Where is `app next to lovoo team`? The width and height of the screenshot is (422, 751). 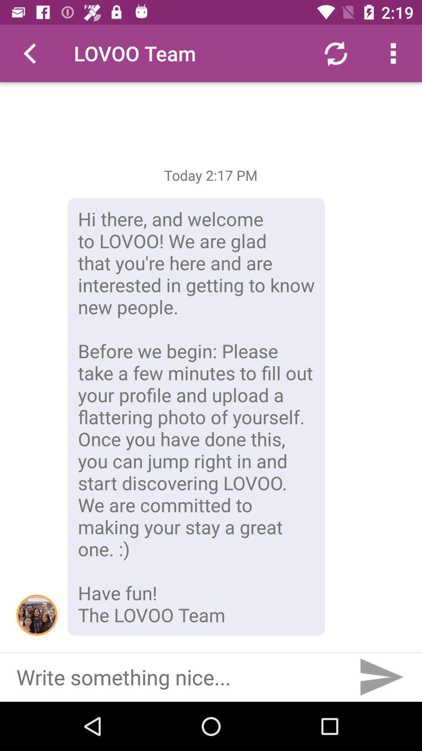
app next to lovoo team is located at coordinates (335, 53).